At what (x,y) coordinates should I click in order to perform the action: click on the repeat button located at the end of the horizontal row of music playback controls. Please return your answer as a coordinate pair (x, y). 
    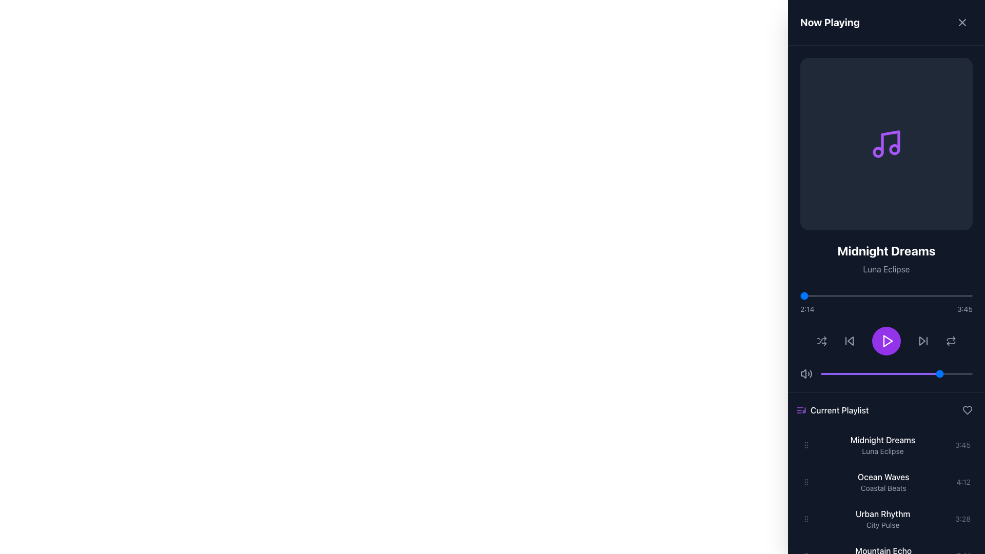
    Looking at the image, I should click on (950, 341).